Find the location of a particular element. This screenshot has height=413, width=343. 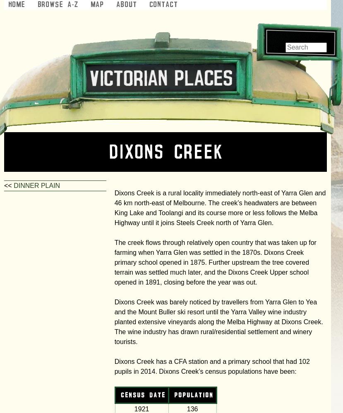

'population' is located at coordinates (173, 394).